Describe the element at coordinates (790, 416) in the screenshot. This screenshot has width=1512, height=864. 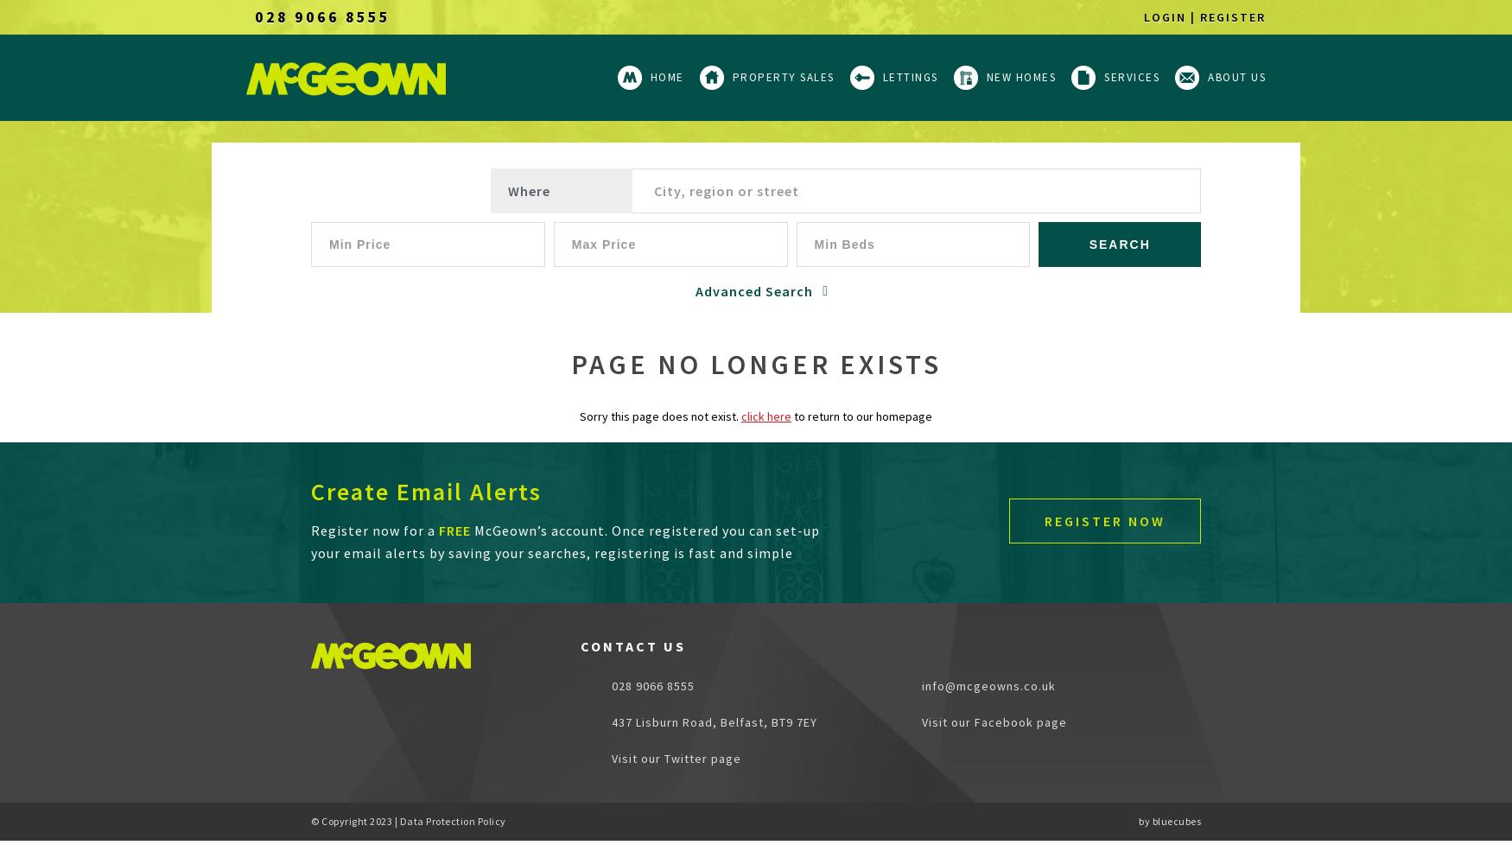
I see `'to return to our homepage'` at that location.